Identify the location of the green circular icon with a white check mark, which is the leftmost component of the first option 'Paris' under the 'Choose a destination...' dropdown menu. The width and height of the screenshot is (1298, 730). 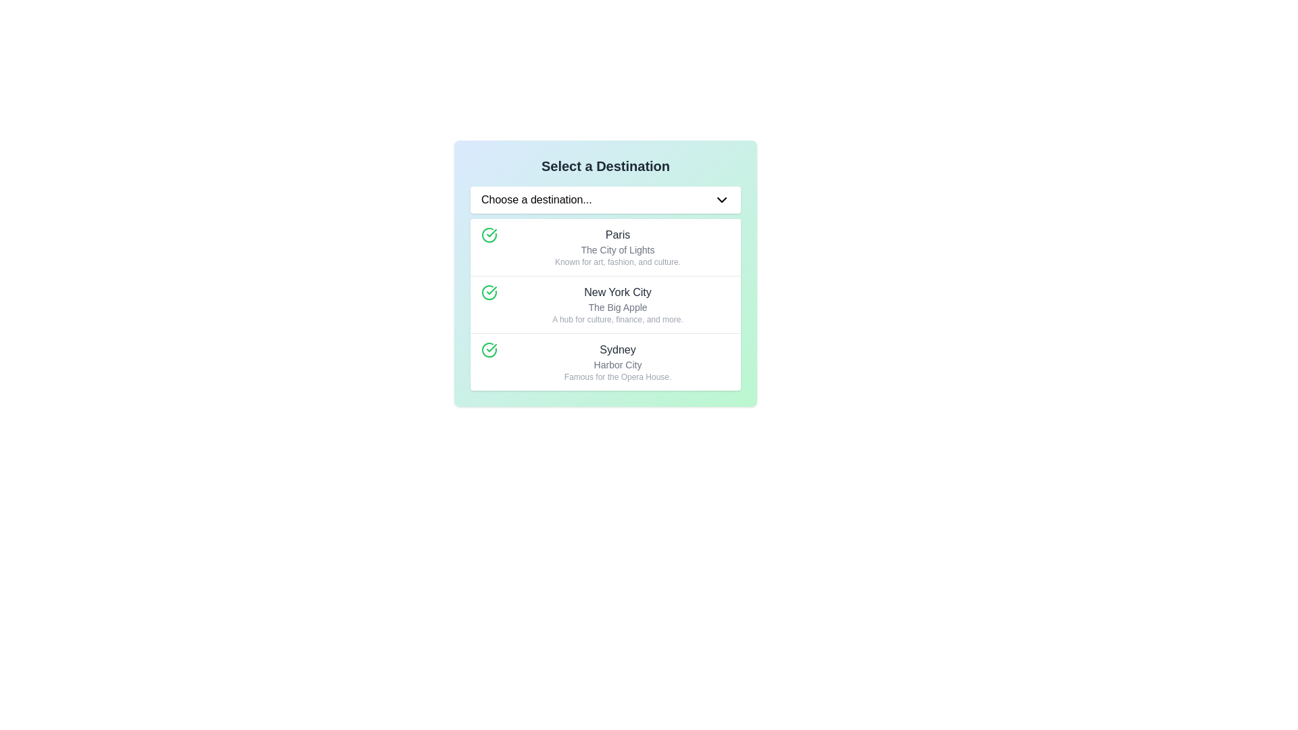
(489, 234).